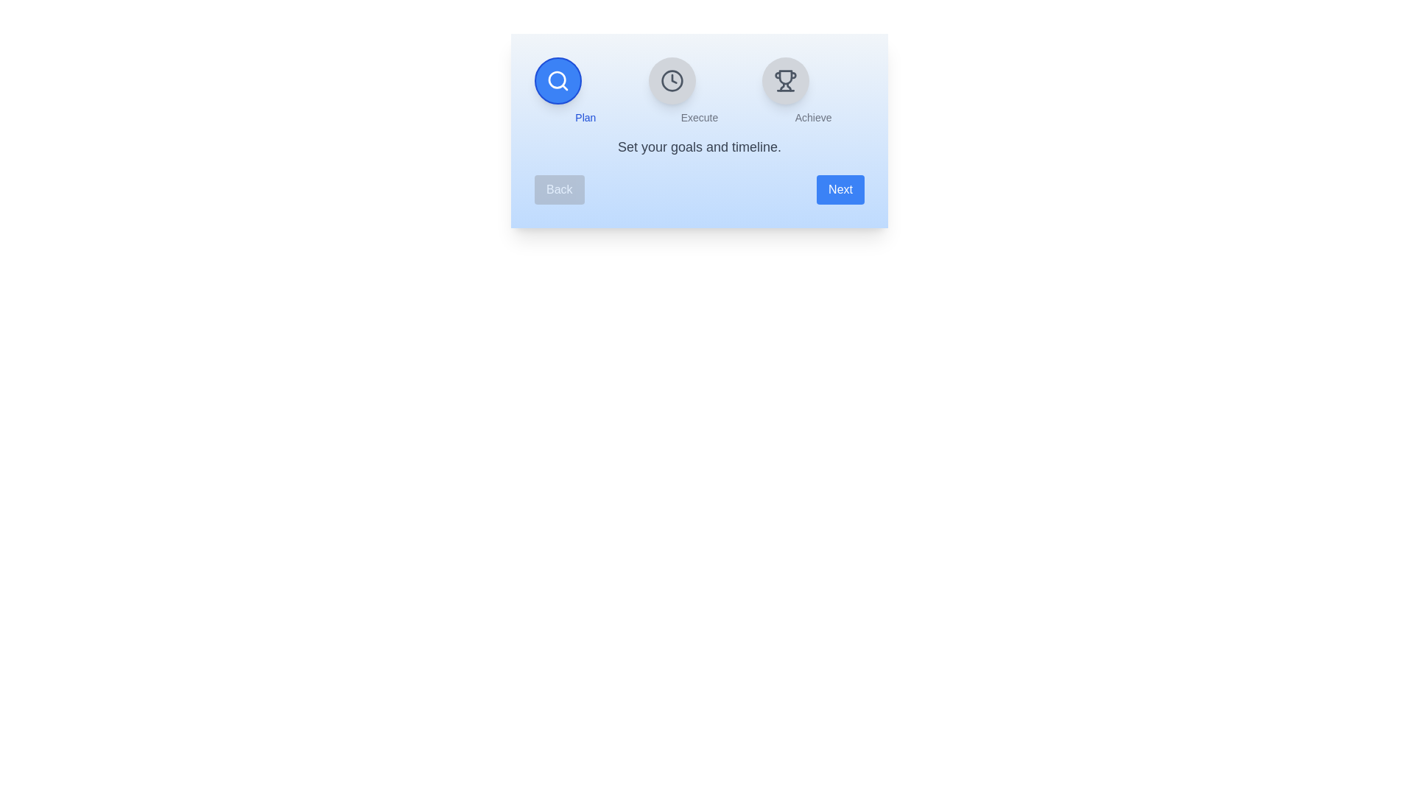  I want to click on the Back button to navigate between steps, so click(558, 189).